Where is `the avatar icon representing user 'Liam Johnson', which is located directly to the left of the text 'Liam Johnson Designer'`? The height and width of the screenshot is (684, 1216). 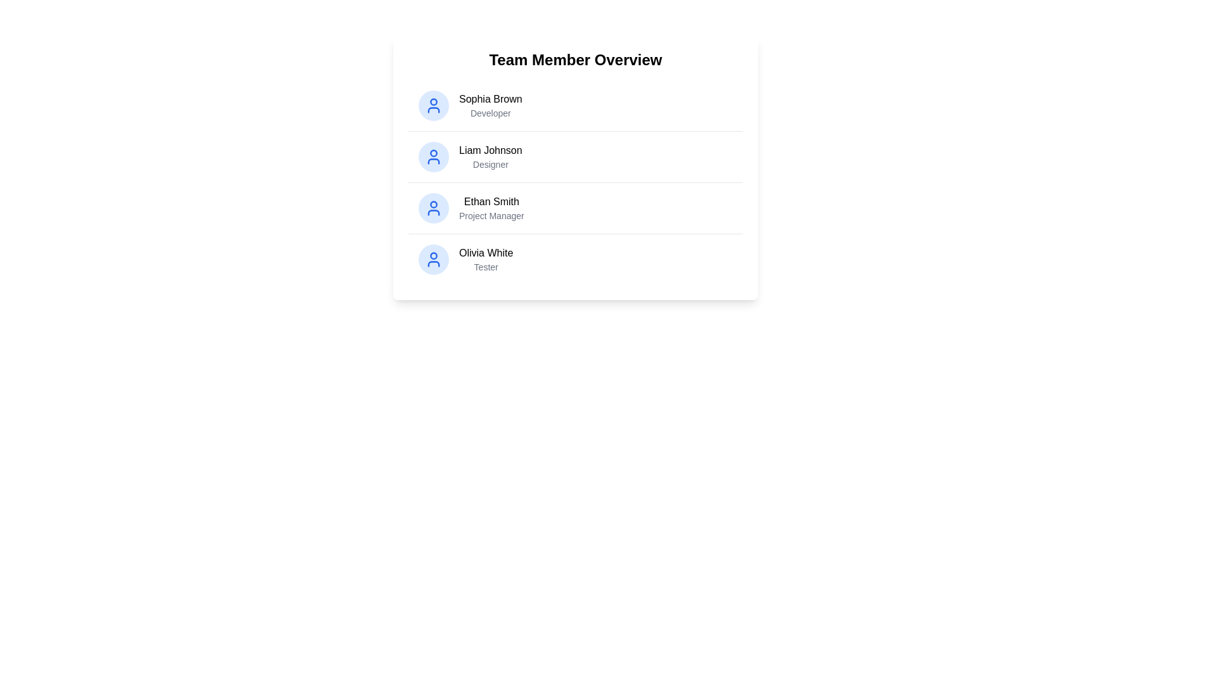 the avatar icon representing user 'Liam Johnson', which is located directly to the left of the text 'Liam Johnson Designer' is located at coordinates (434, 156).